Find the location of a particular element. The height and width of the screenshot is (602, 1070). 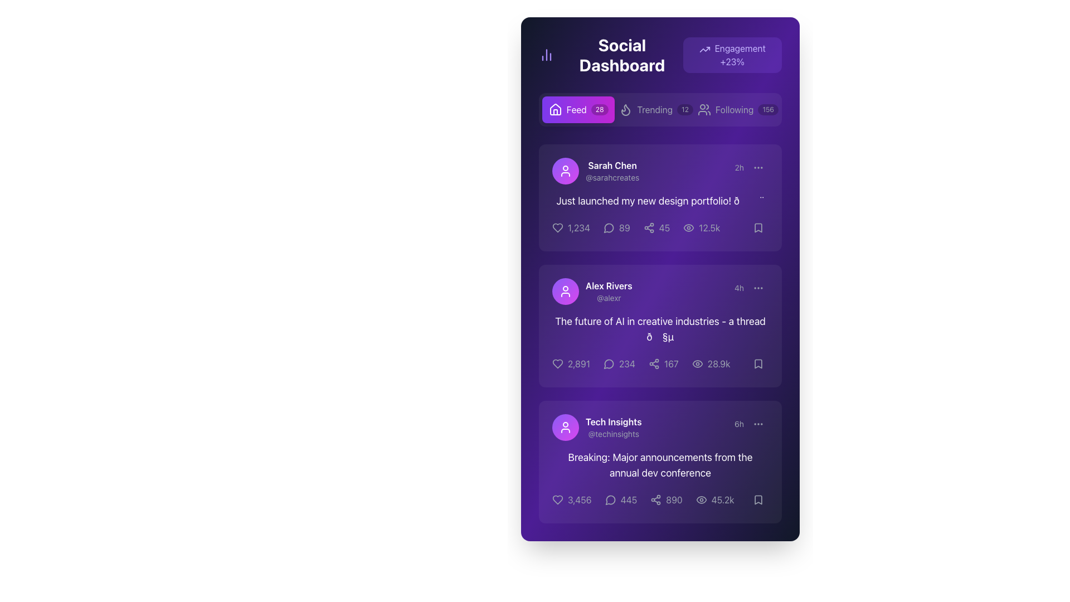

the bookmark icon styled with an outlined design, resembling an open book, located in the bottom-right corner of the 'Tech Insights' post card to bookmark the post is located at coordinates (758, 499).